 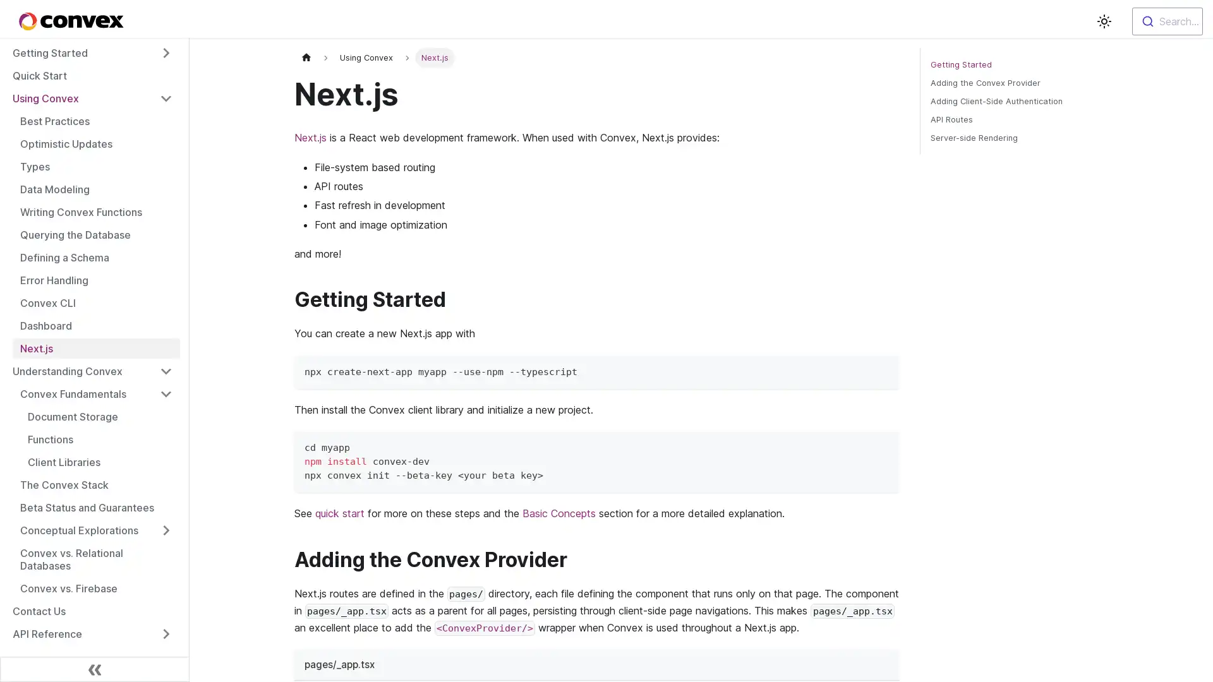 What do you see at coordinates (883, 445) in the screenshot?
I see `Copy code to clipboard` at bounding box center [883, 445].